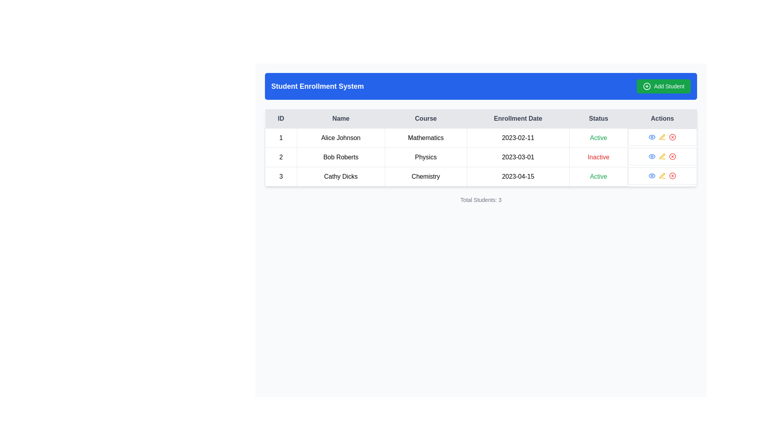 Image resolution: width=757 pixels, height=426 pixels. I want to click on the stylized eye-shaped icon button located in the 'Actions' column of the second row, so click(652, 156).